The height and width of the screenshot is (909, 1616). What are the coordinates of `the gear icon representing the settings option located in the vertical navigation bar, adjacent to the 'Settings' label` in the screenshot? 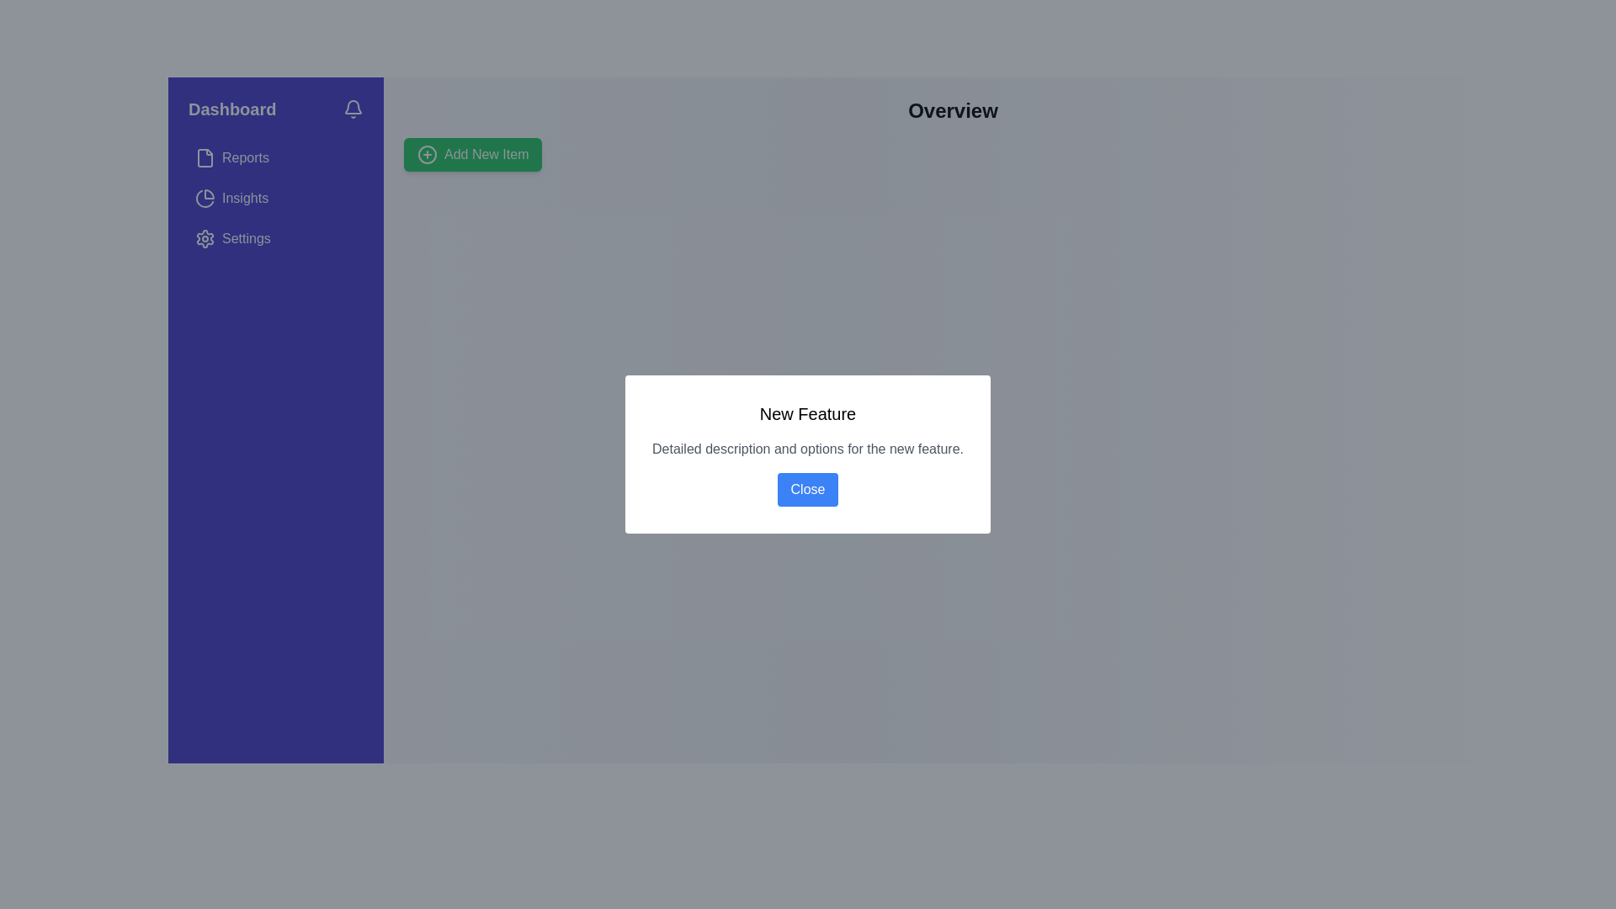 It's located at (205, 239).